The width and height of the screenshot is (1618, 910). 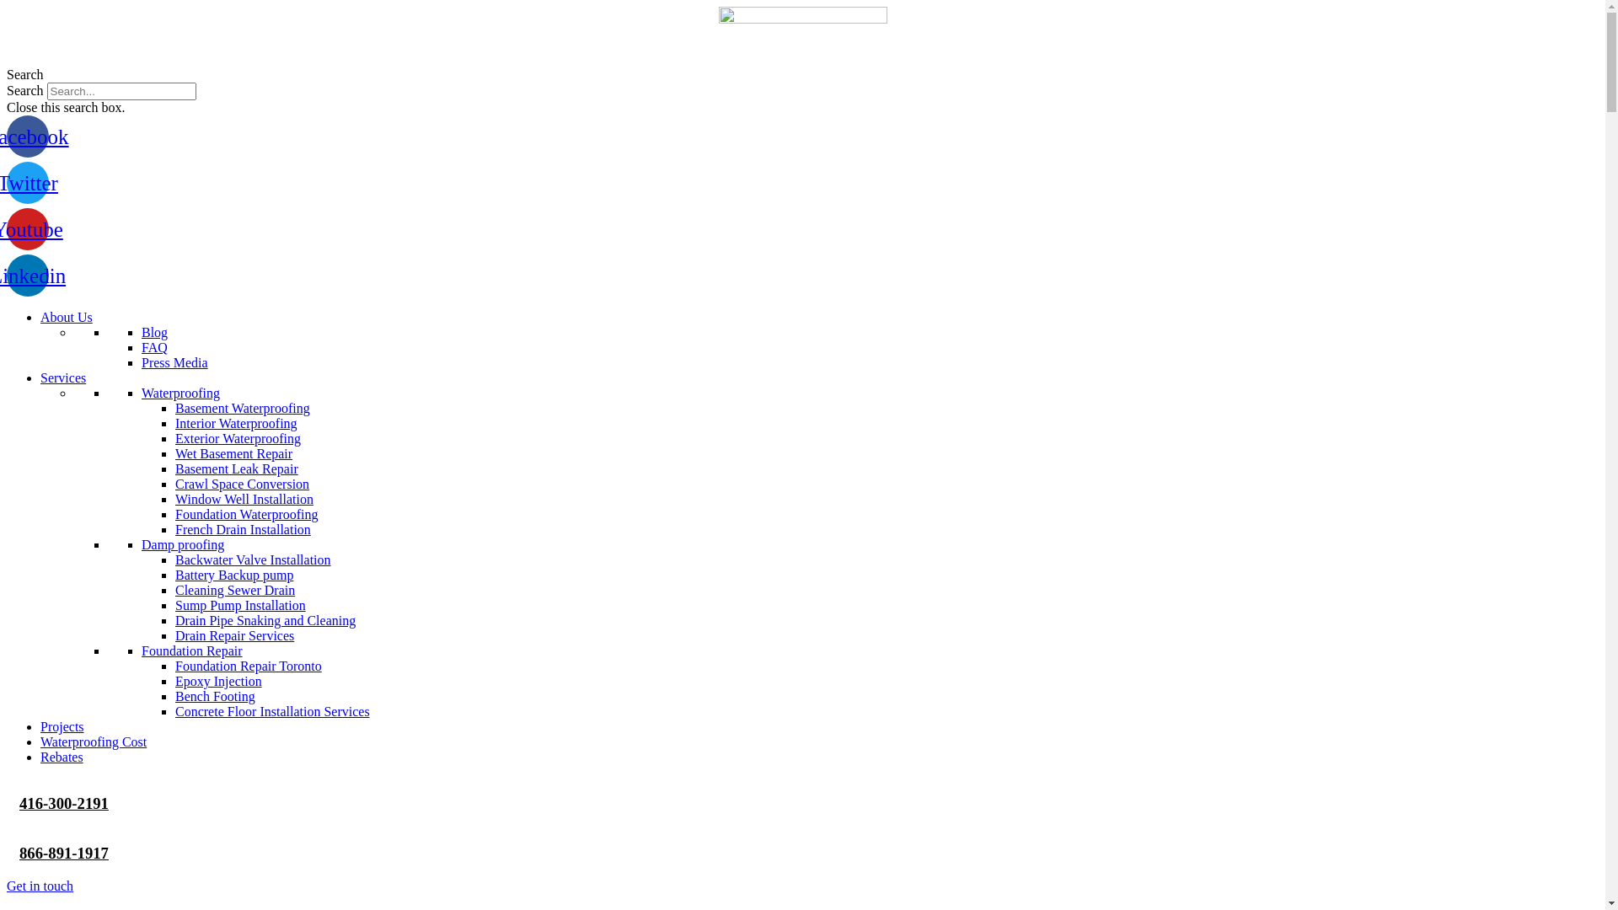 What do you see at coordinates (191, 650) in the screenshot?
I see `'Foundation Repair'` at bounding box center [191, 650].